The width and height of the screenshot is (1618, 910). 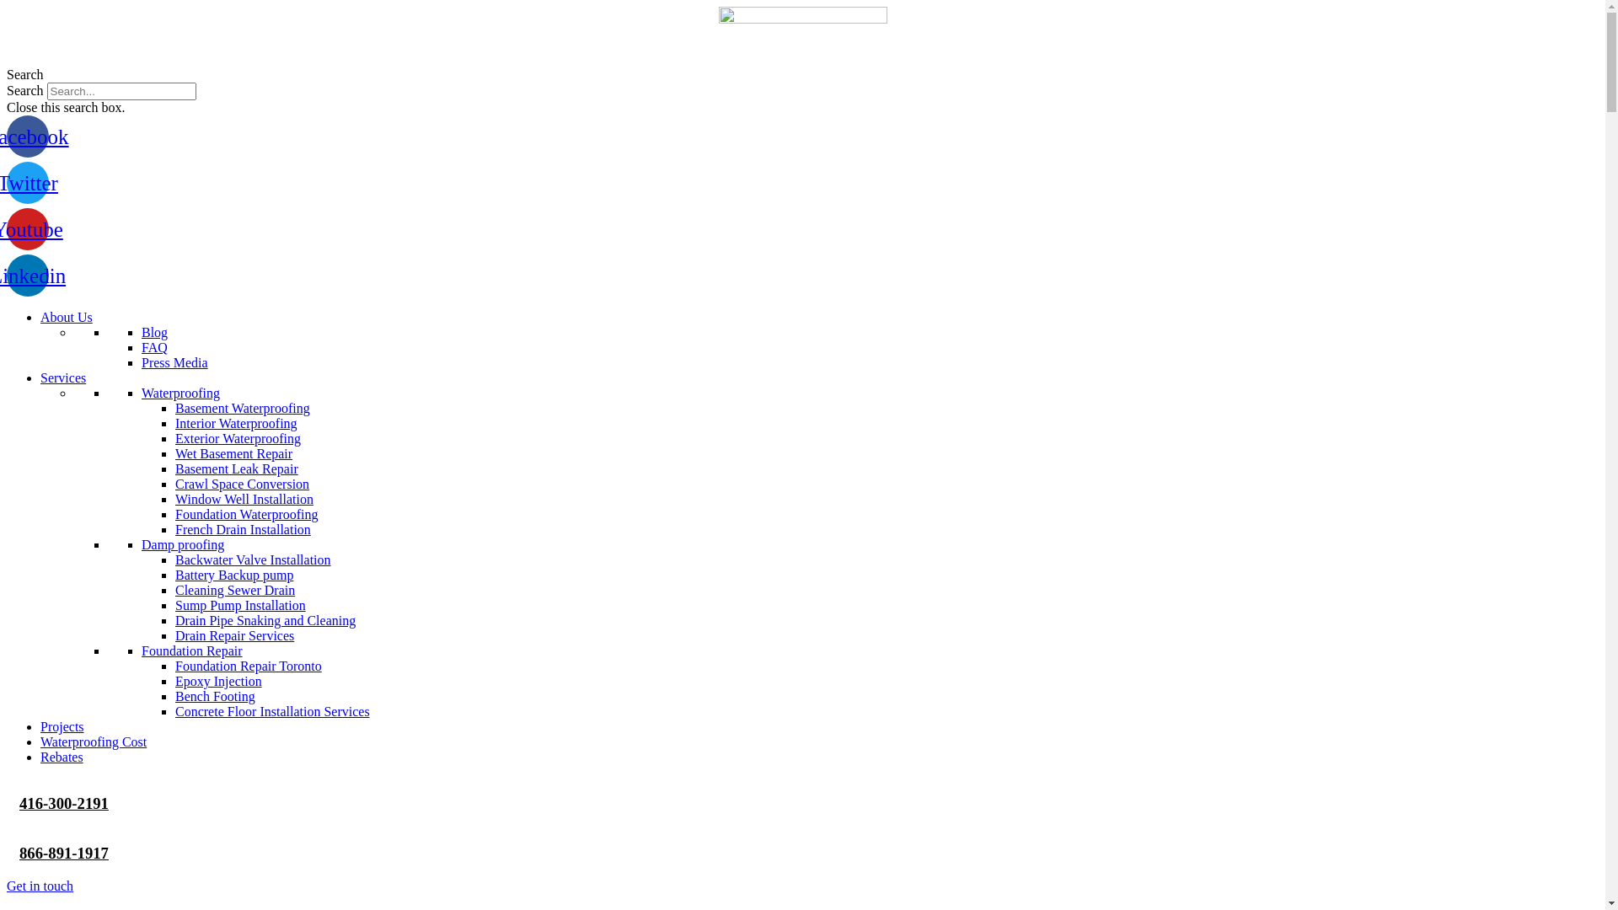 What do you see at coordinates (191, 650) in the screenshot?
I see `'Foundation Repair'` at bounding box center [191, 650].